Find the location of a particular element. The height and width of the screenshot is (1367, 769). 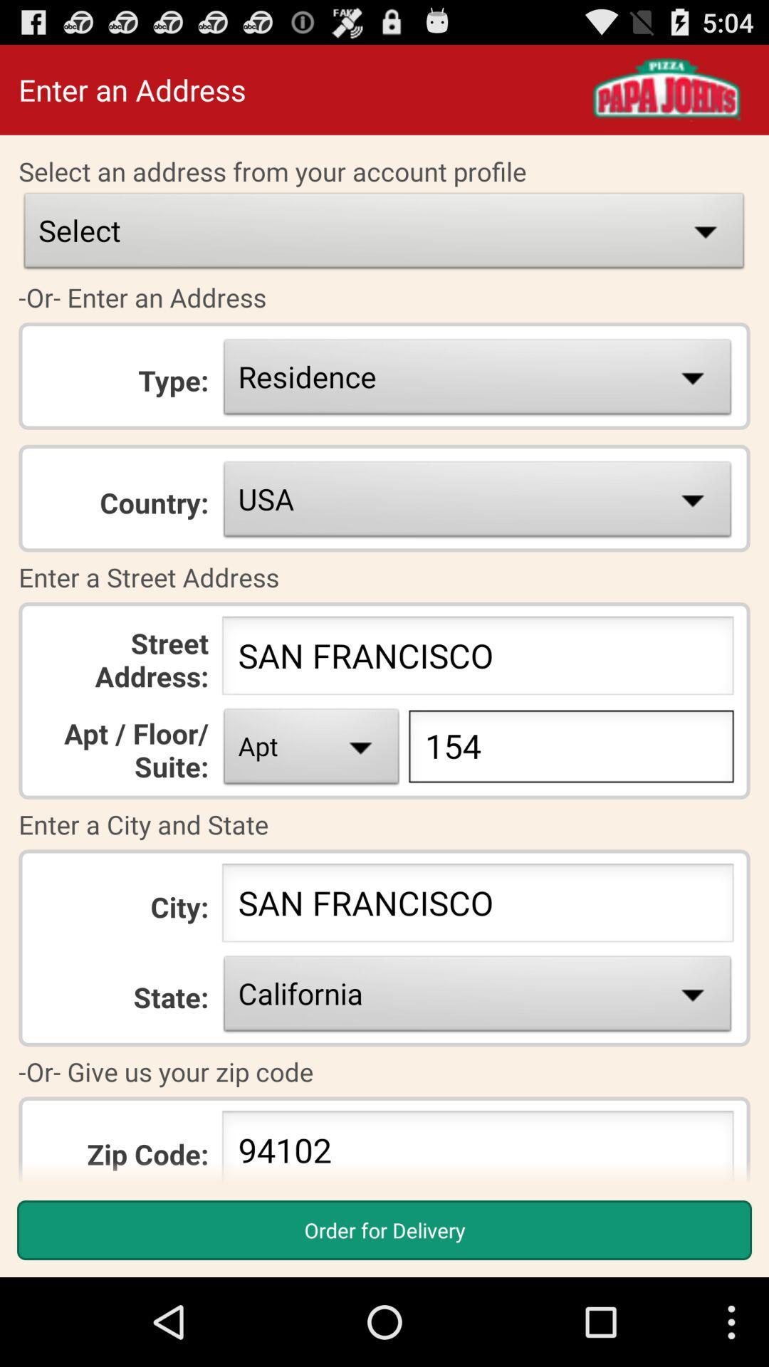

the logo in the top left is located at coordinates (666, 89).